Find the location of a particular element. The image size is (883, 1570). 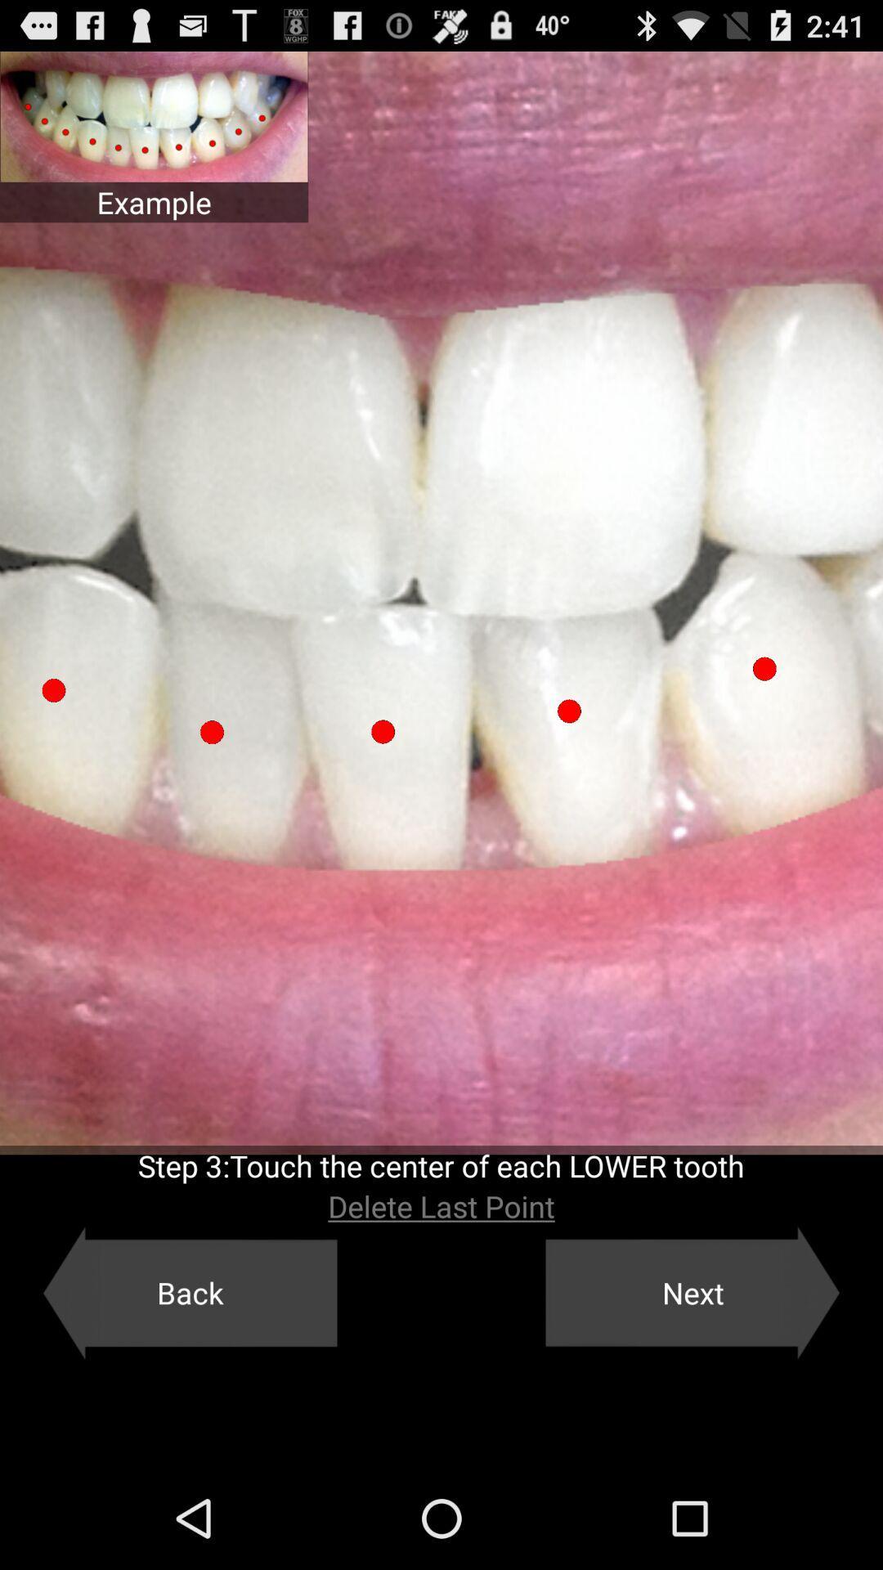

the icon at the bottom left corner is located at coordinates (189, 1292).